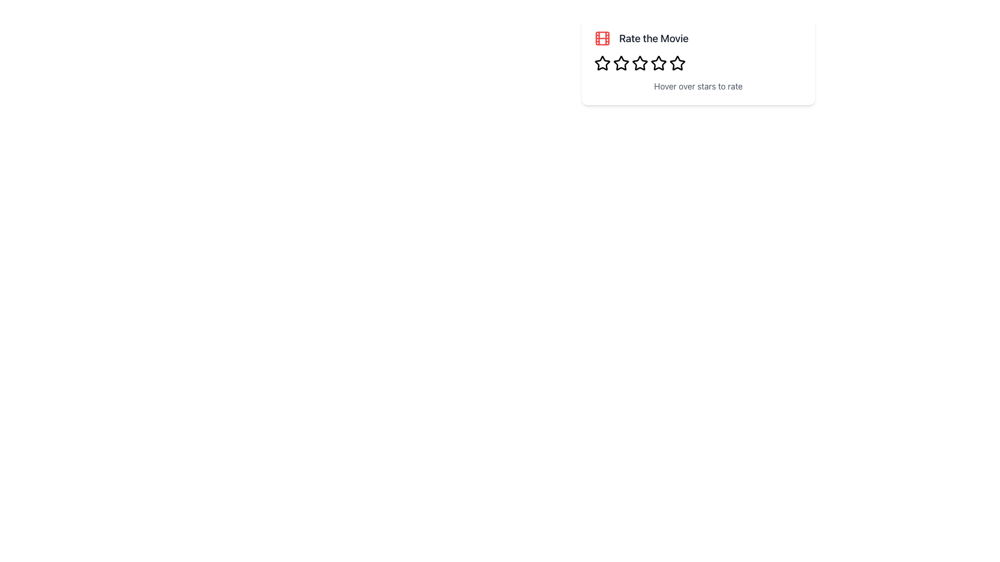  What do you see at coordinates (602, 37) in the screenshot?
I see `the central red-filled rectangular Decorative Icon Component, which is part of the film strip icon located above the 'Rate the Movie' title` at bounding box center [602, 37].